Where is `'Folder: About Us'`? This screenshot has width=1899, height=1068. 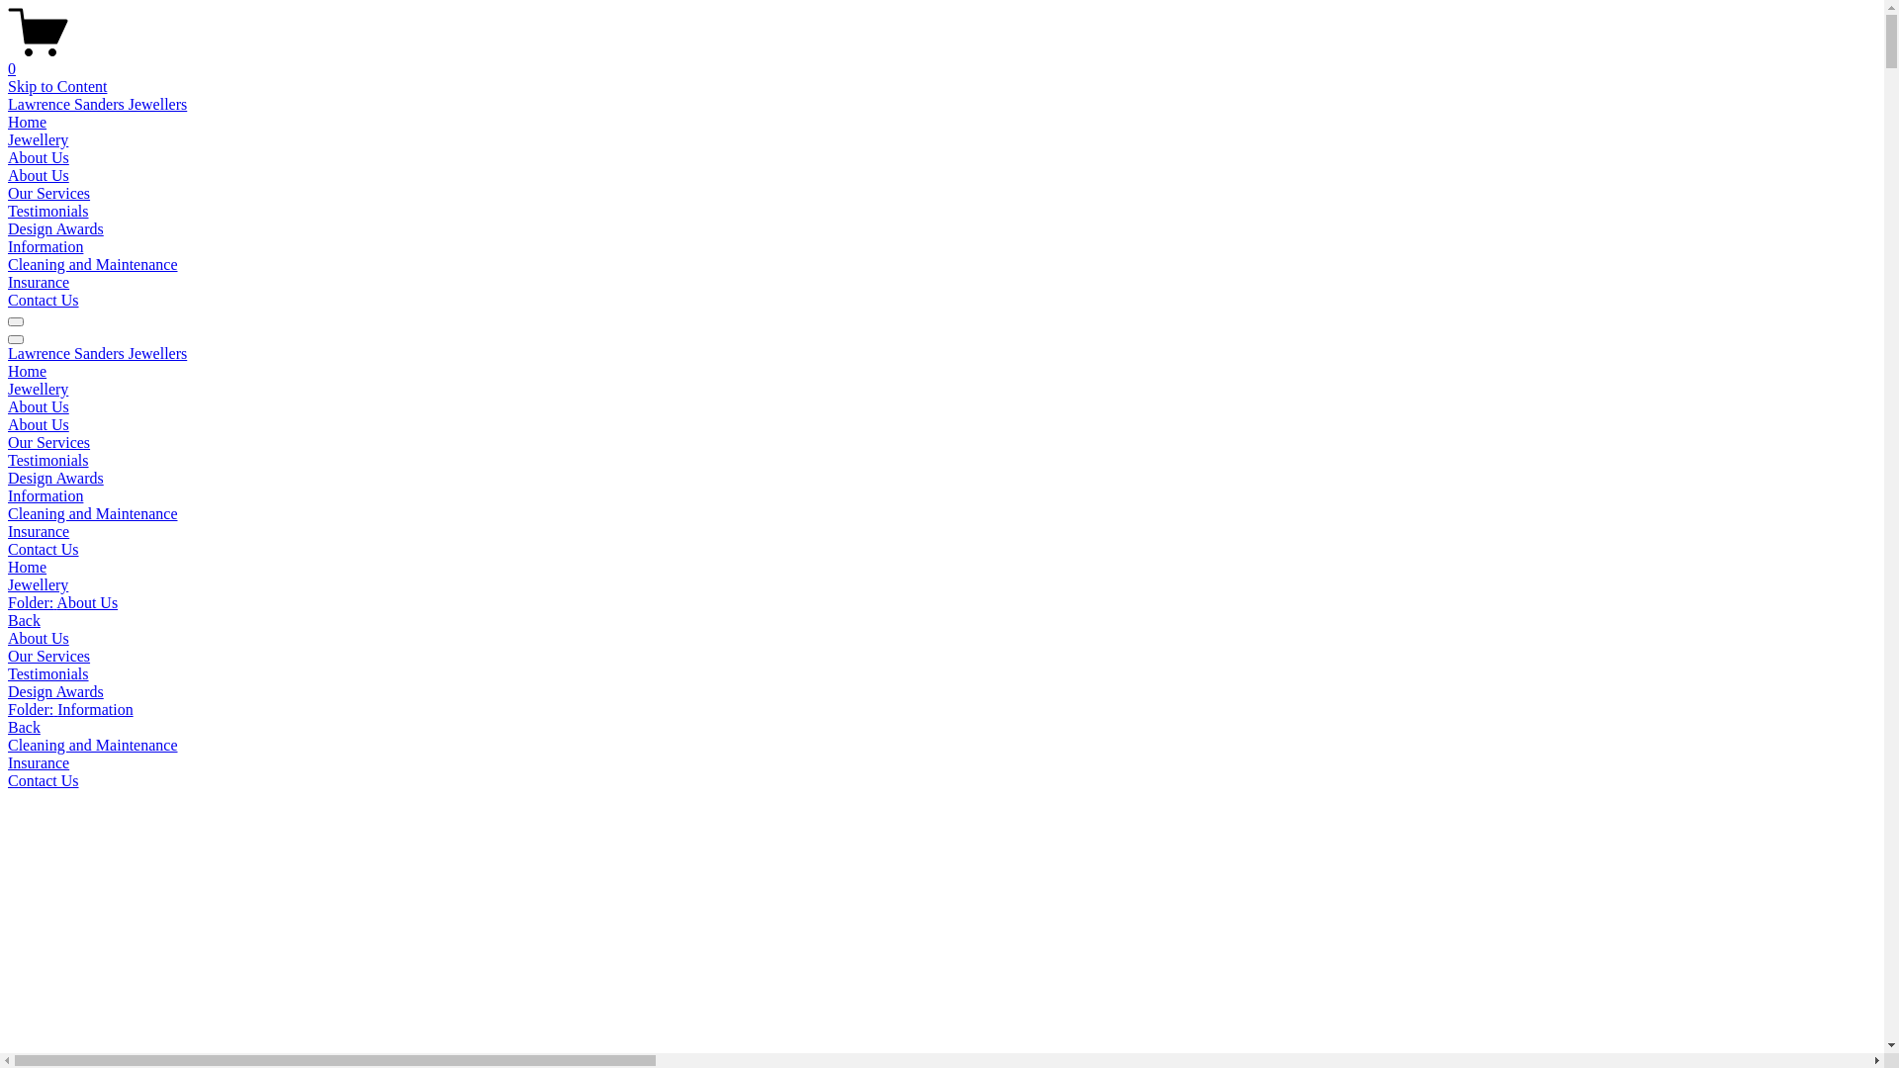 'Folder: About Us' is located at coordinates (941, 601).